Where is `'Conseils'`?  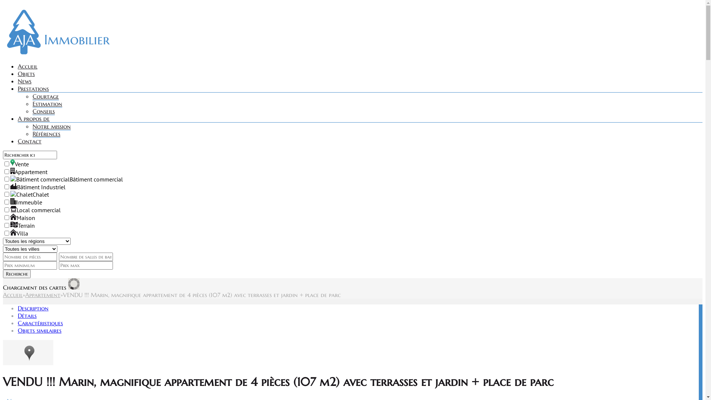 'Conseils' is located at coordinates (43, 111).